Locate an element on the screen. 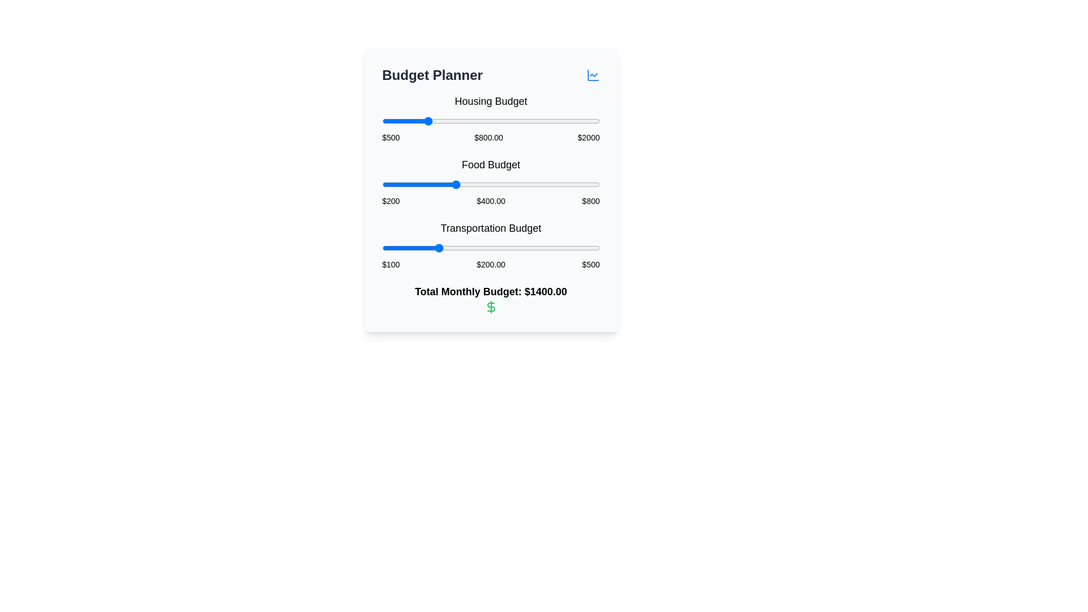 This screenshot has height=612, width=1088. the transportation budget is located at coordinates (565, 248).